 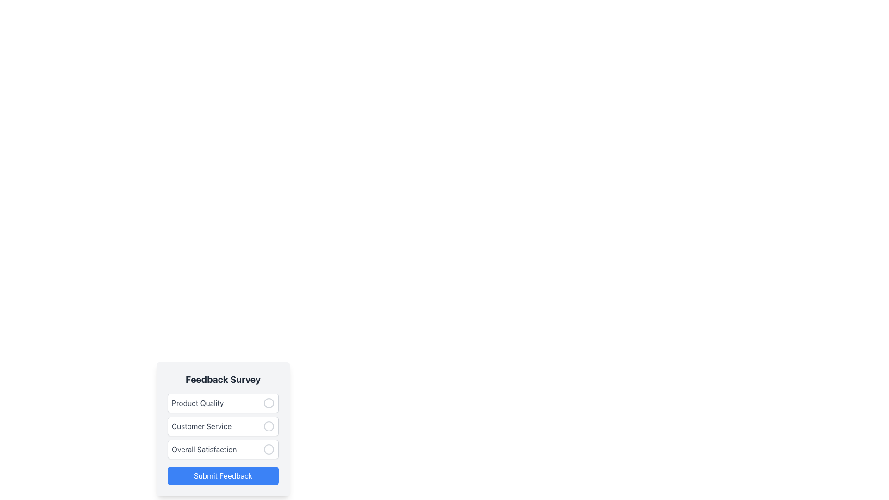 I want to click on the third radio button for the 'Overall Satisfaction' survey question, so click(x=268, y=449).